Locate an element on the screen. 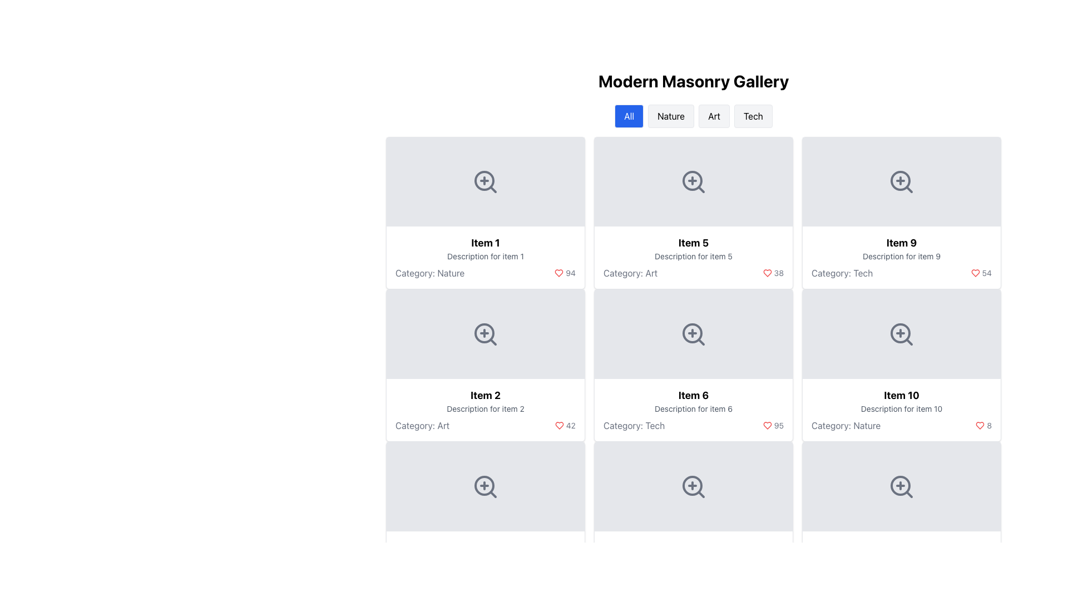 The height and width of the screenshot is (601, 1068). the text label indicating the category type of the associated item, located at the bottom section of 'Item 9' in the right column of the third row in the grid is located at coordinates (842, 273).